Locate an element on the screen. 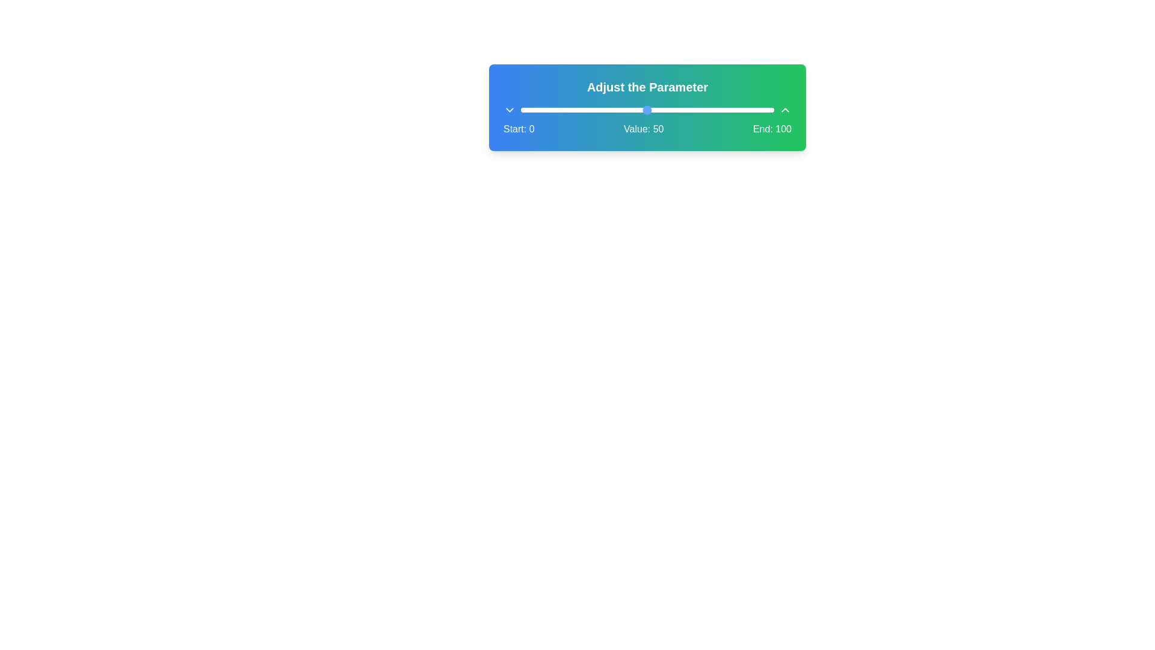 This screenshot has height=650, width=1155. the parameter is located at coordinates (587, 110).